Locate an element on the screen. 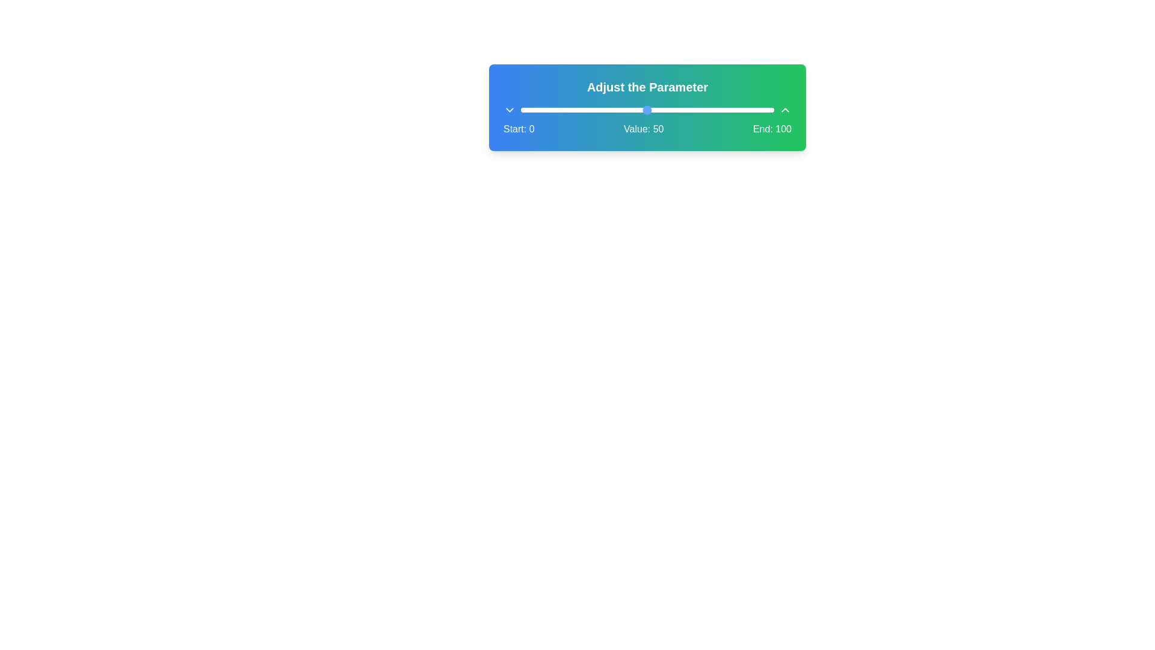 This screenshot has height=650, width=1155. the parameter is located at coordinates (587, 110).